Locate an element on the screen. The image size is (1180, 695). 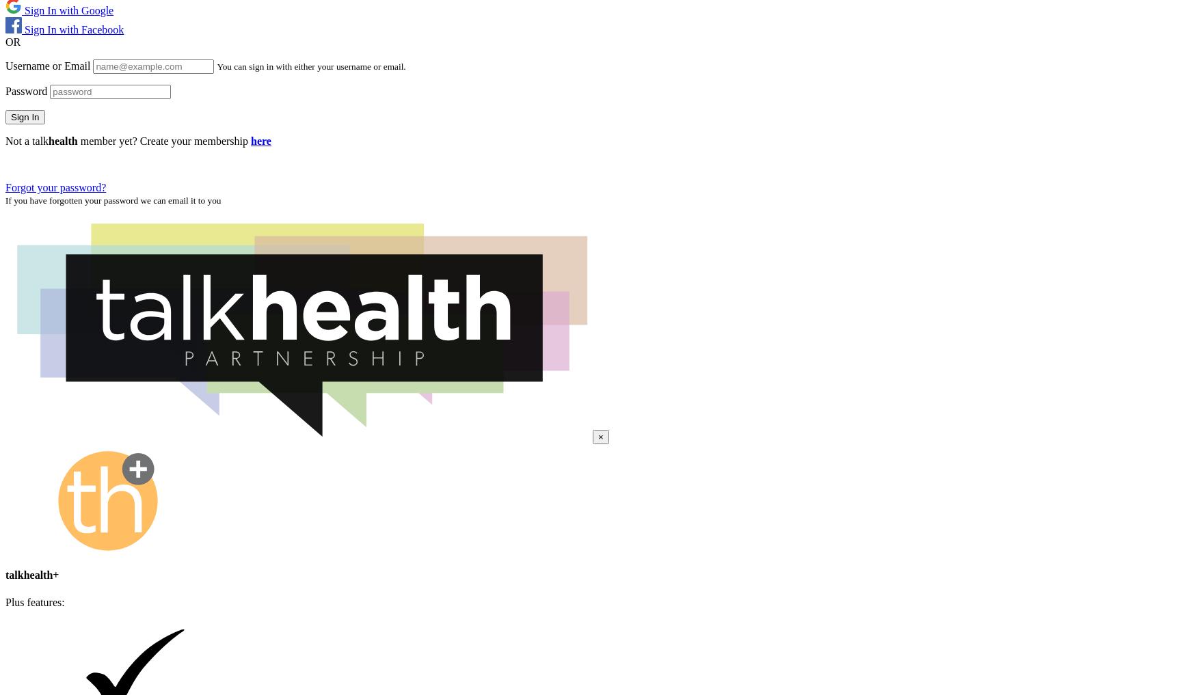
'Sign In with Facebook' is located at coordinates (72, 28).